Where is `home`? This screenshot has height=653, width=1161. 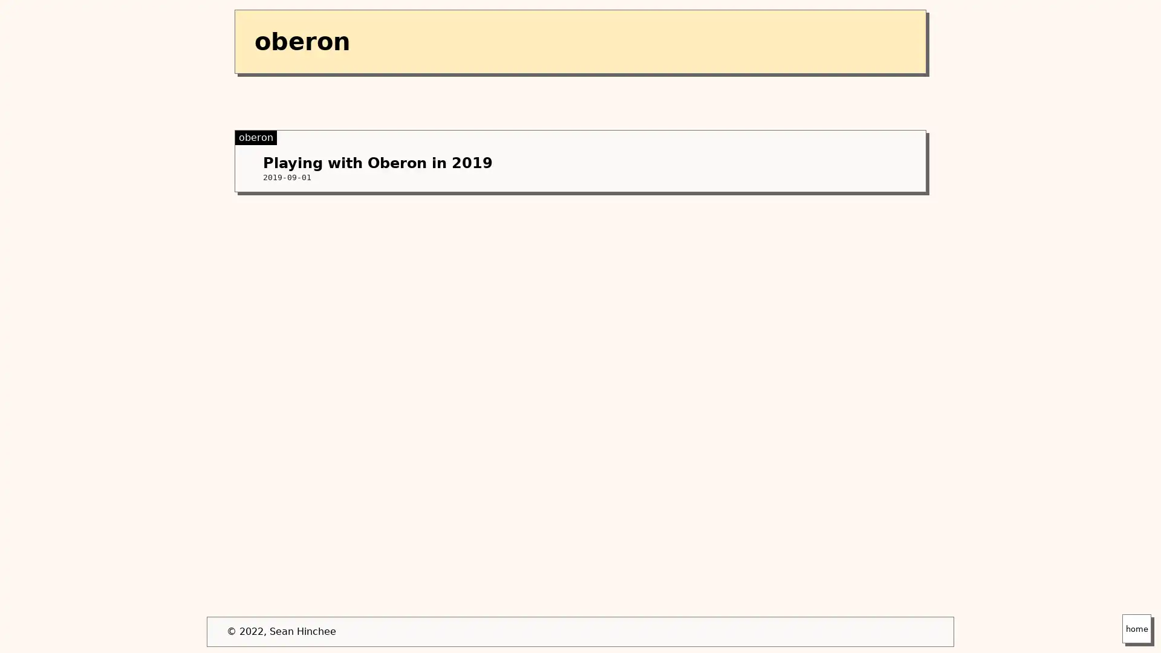 home is located at coordinates (1136, 628).